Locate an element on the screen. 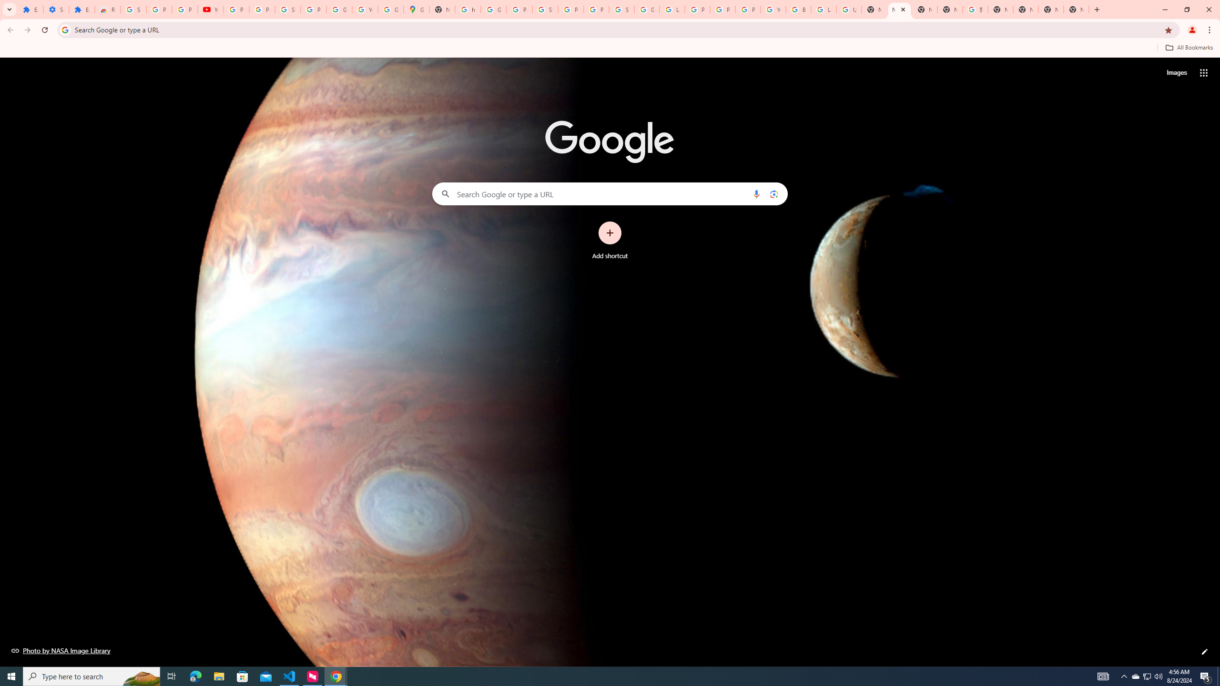 The height and width of the screenshot is (686, 1220). 'You' is located at coordinates (1192, 30).